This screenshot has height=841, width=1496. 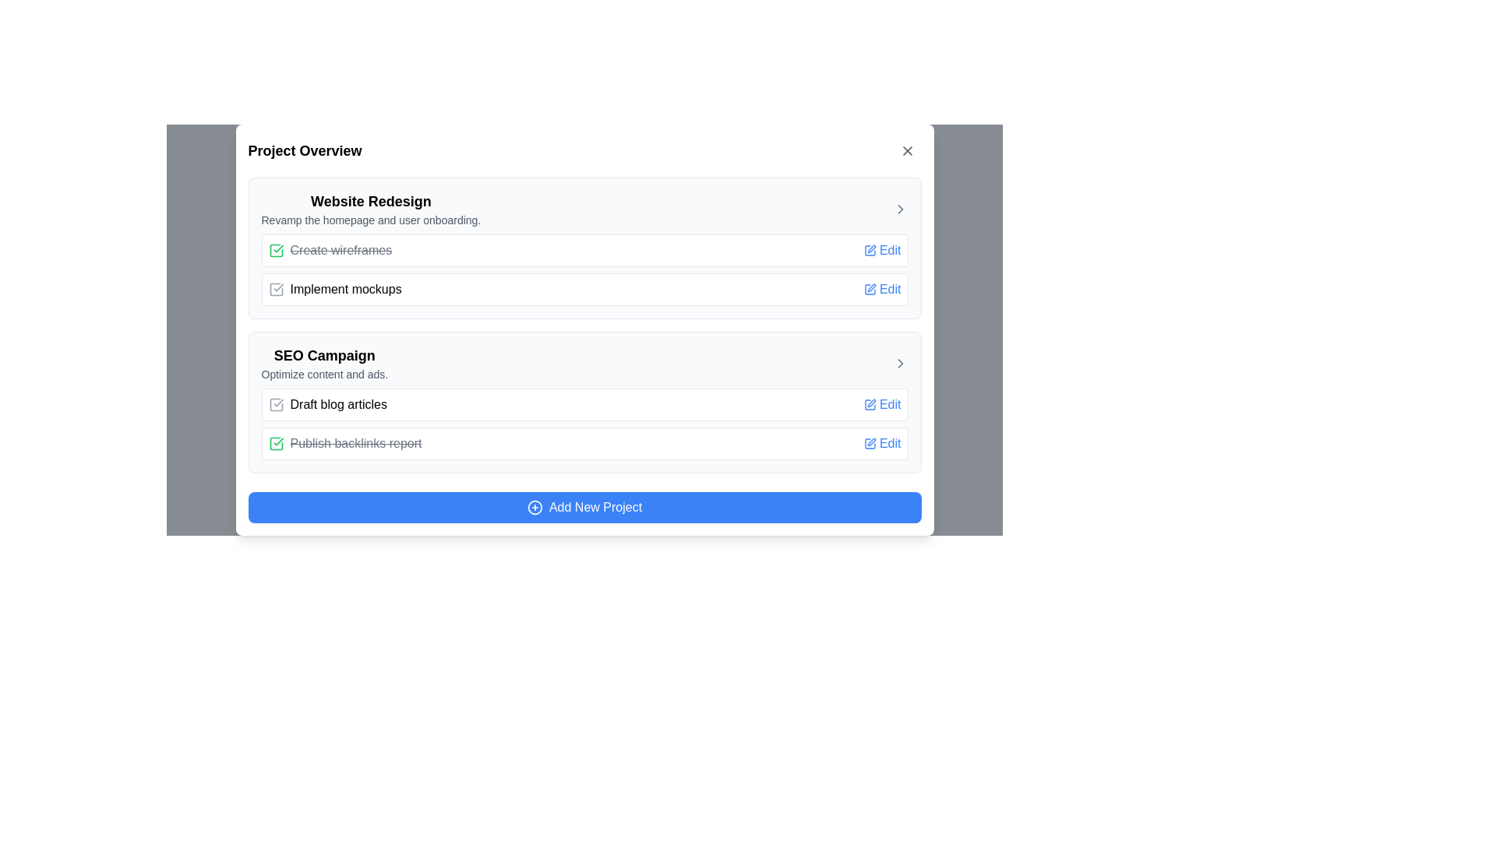 I want to click on the checkbox or status icon for the 'Implement mockups' task under 'Website Redesign', so click(x=276, y=289).